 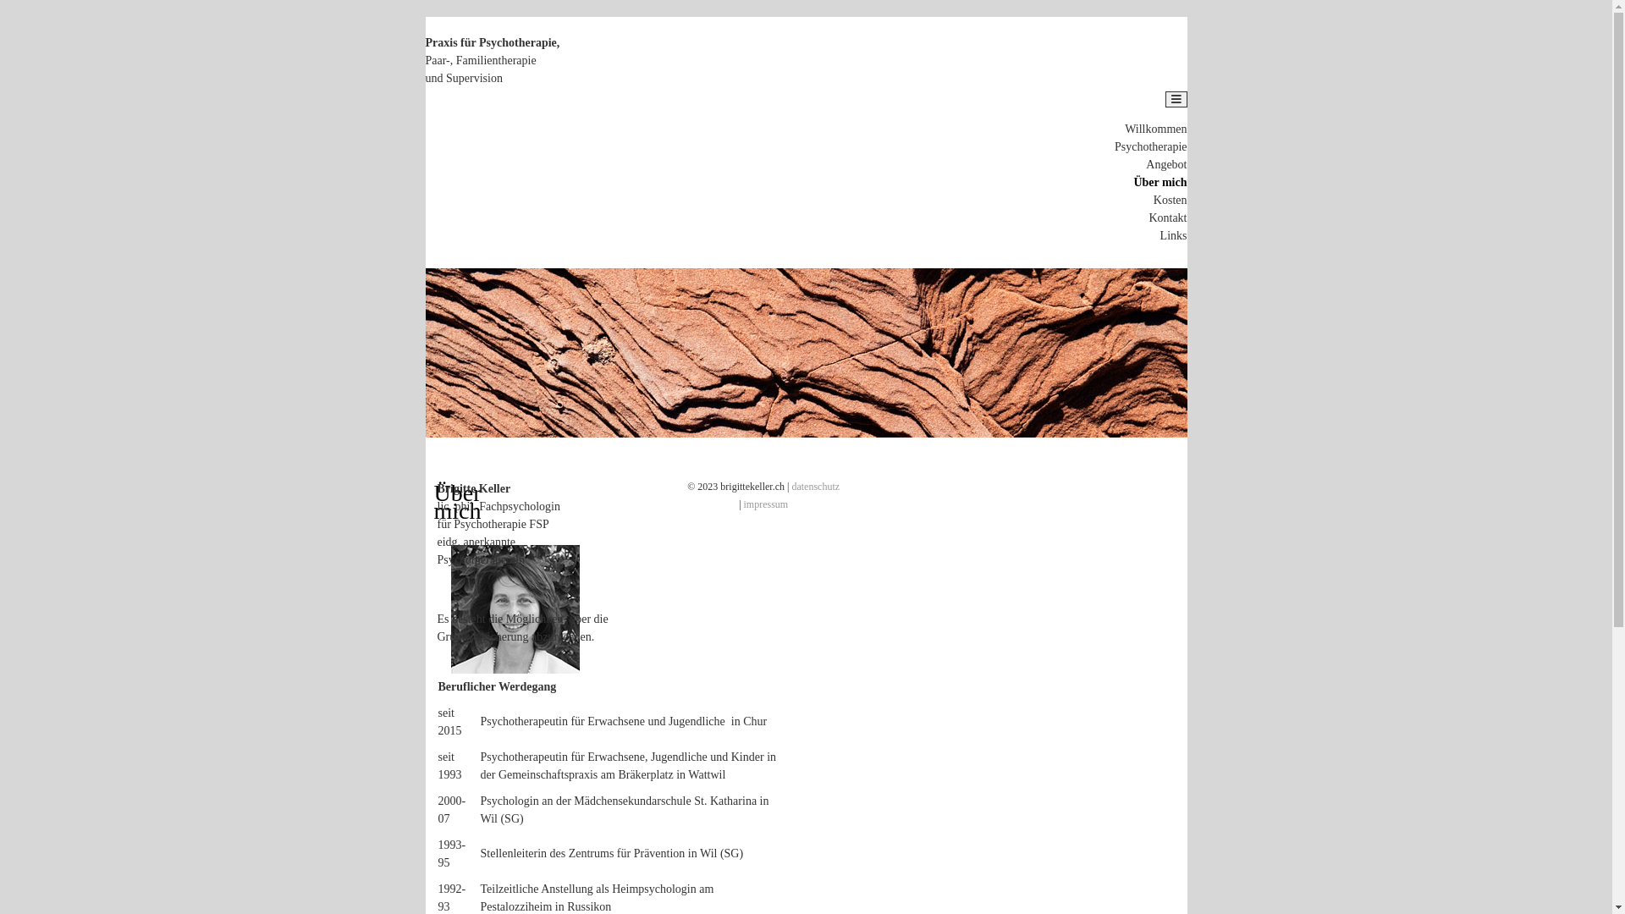 I want to click on 'Psychotherapie', so click(x=1150, y=146).